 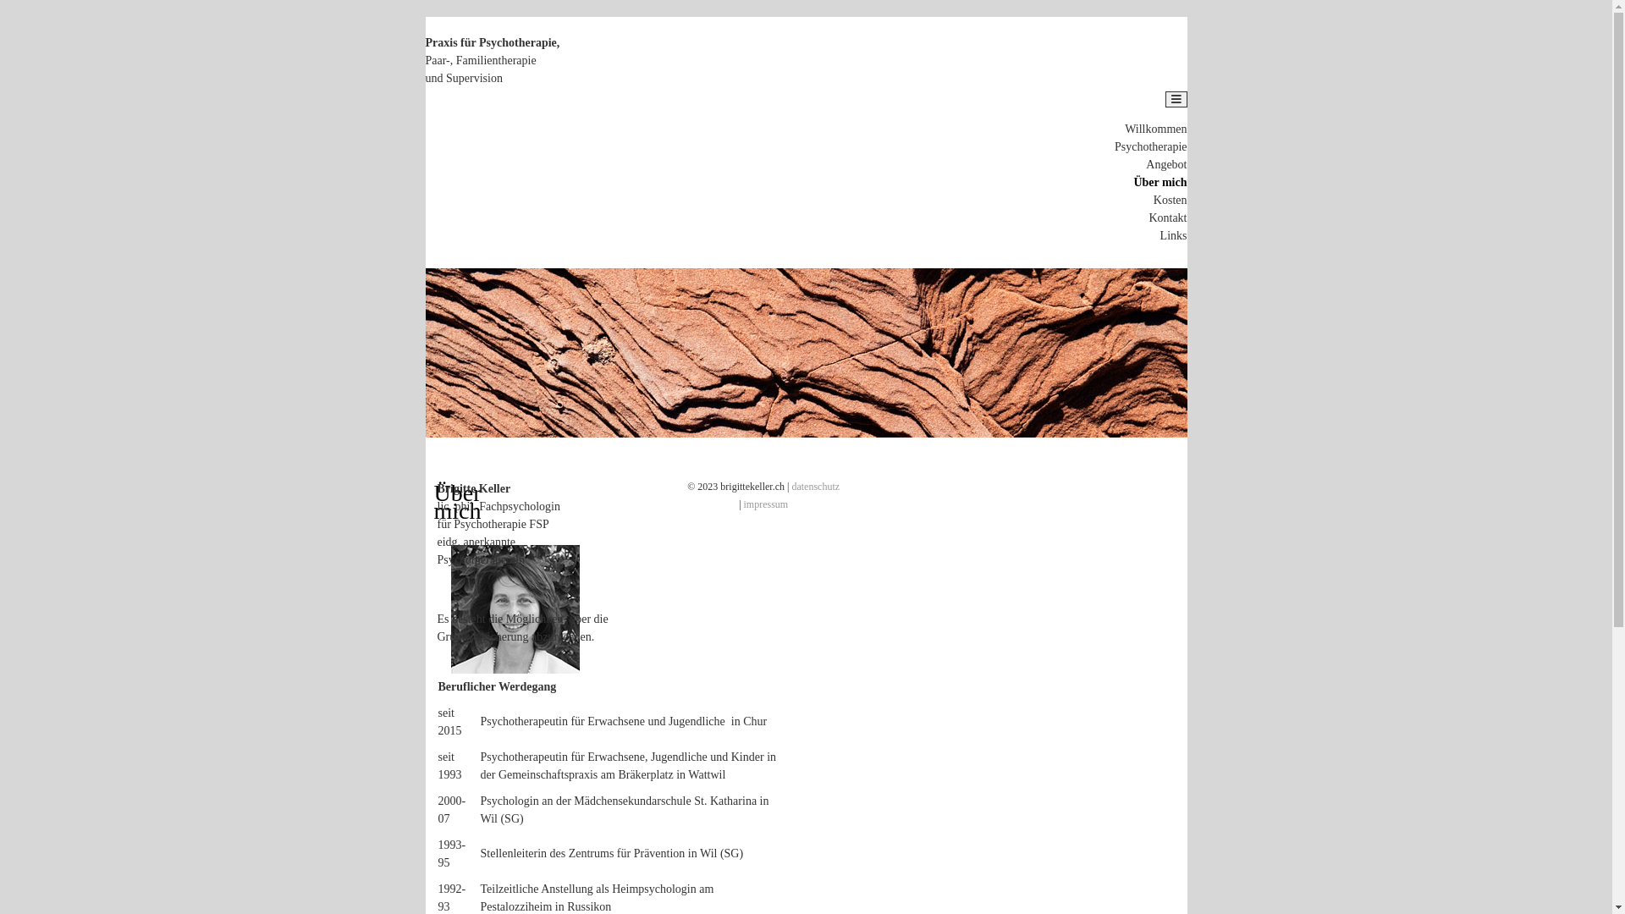 I want to click on 'Psychotherapie', so click(x=1150, y=146).